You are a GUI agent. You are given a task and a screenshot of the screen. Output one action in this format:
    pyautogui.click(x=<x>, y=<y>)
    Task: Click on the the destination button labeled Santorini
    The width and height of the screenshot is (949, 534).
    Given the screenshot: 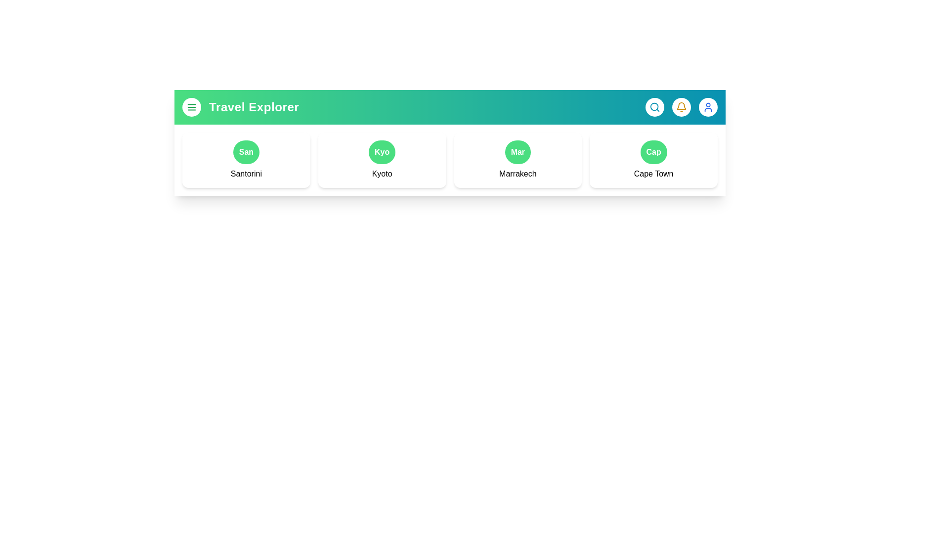 What is the action you would take?
    pyautogui.click(x=246, y=152)
    